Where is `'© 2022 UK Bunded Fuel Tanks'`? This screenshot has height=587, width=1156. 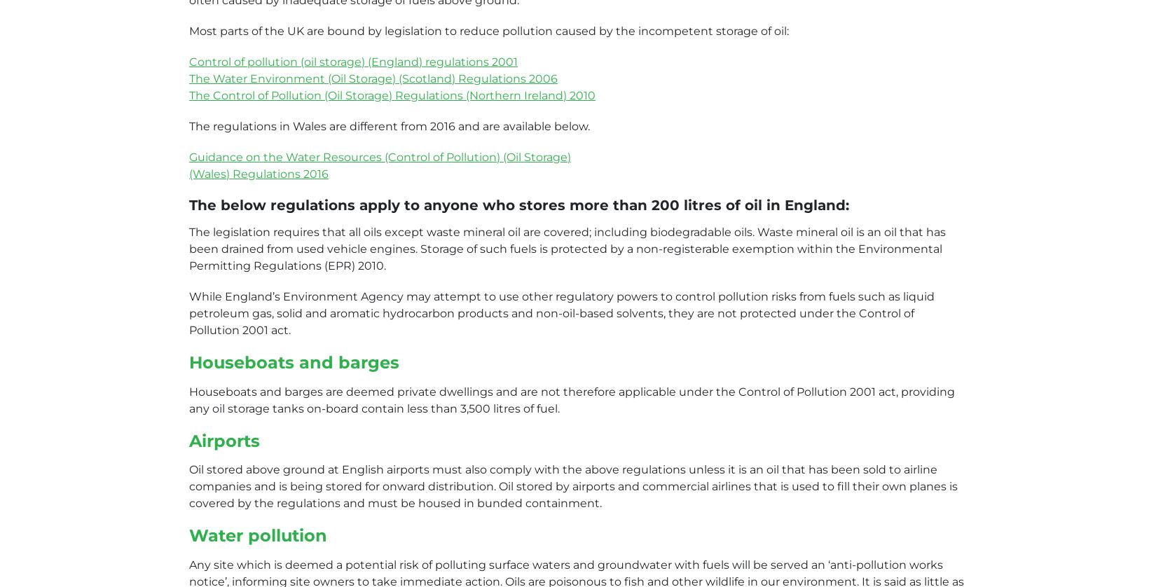
'© 2022 UK Bunded Fuel Tanks' is located at coordinates (274, 319).